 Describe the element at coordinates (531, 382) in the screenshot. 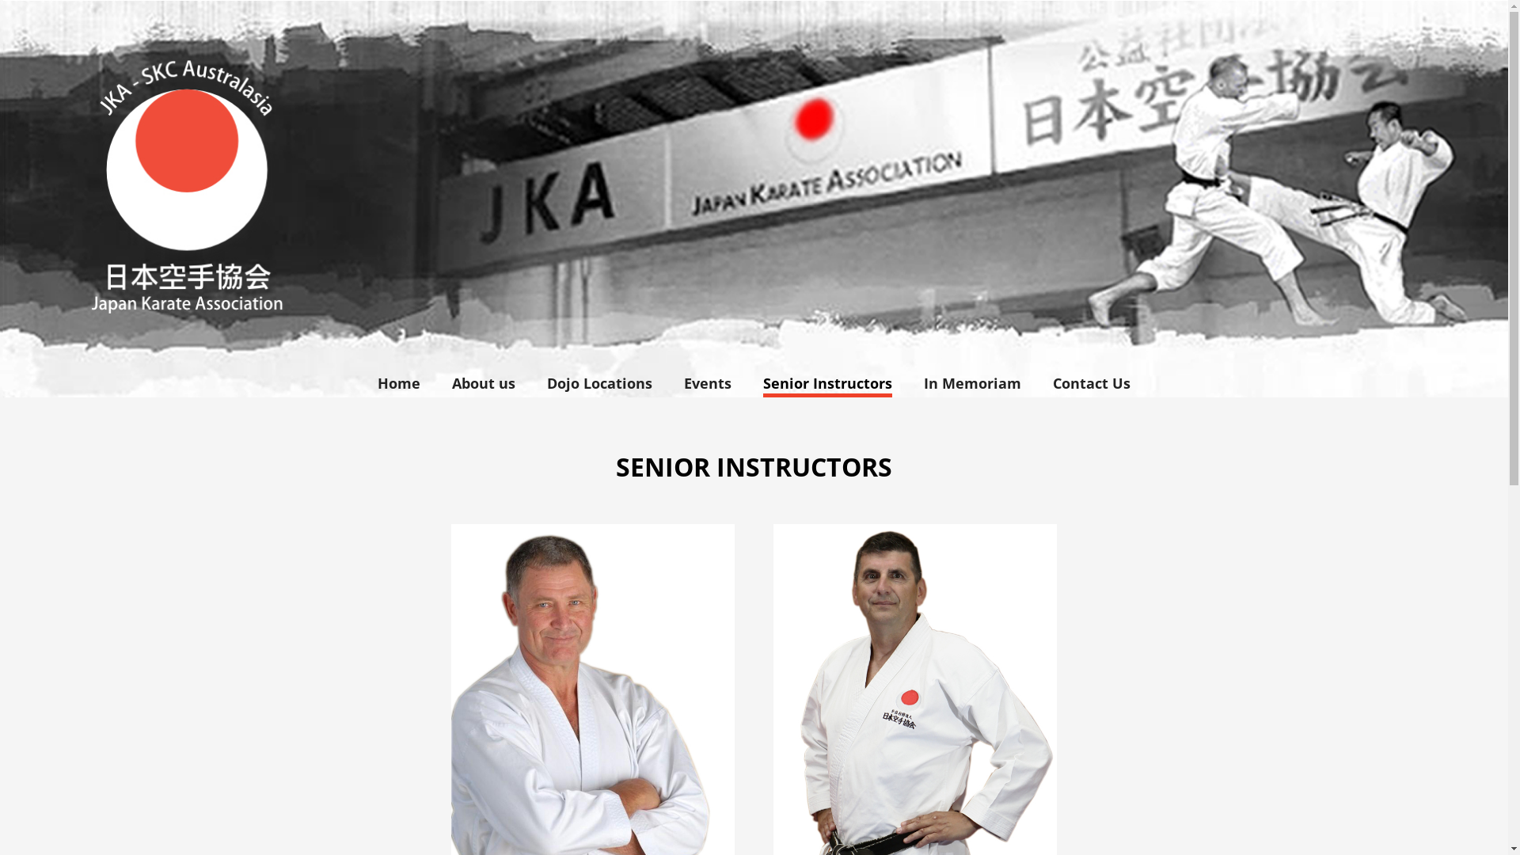

I see `'Dojo Locations'` at that location.